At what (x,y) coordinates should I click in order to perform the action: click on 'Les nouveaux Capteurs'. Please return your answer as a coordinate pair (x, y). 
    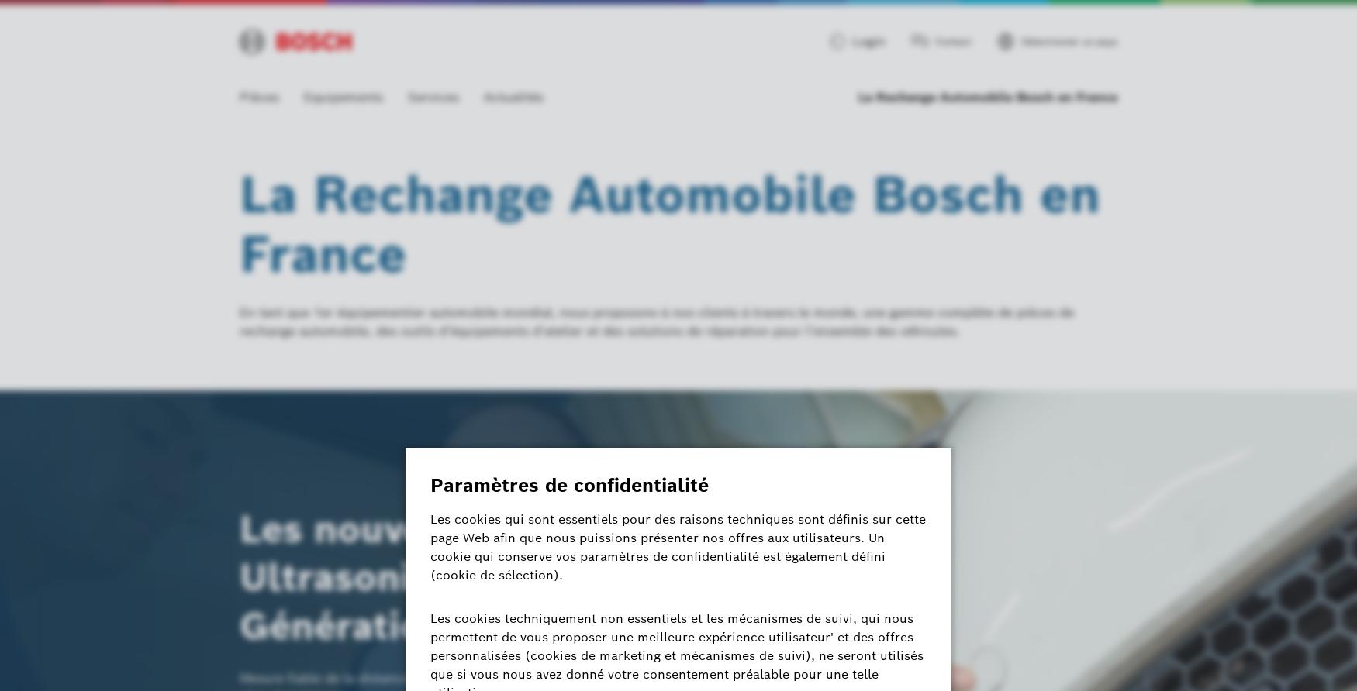
    Looking at the image, I should click on (454, 529).